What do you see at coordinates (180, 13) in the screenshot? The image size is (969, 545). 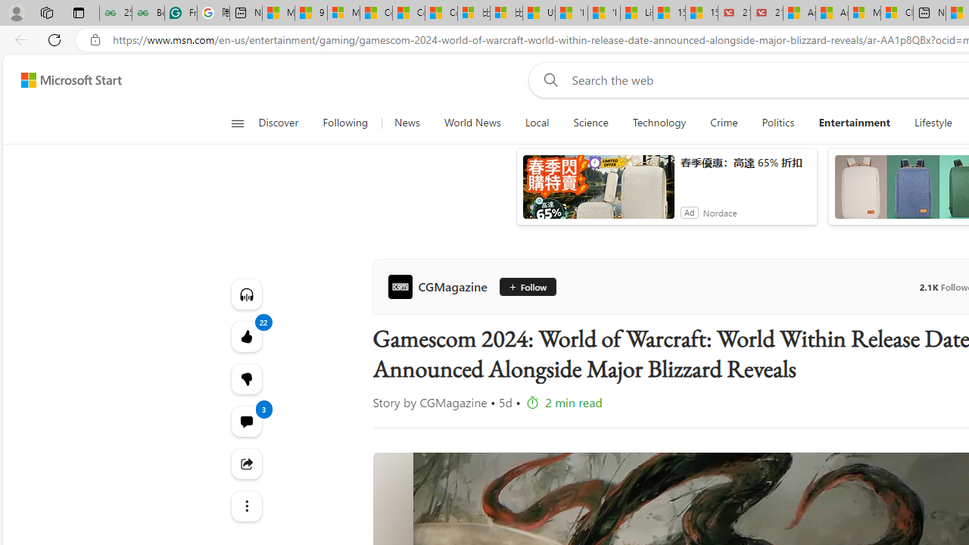 I see `'Free AI Writing Assistance for Students | Grammarly'` at bounding box center [180, 13].